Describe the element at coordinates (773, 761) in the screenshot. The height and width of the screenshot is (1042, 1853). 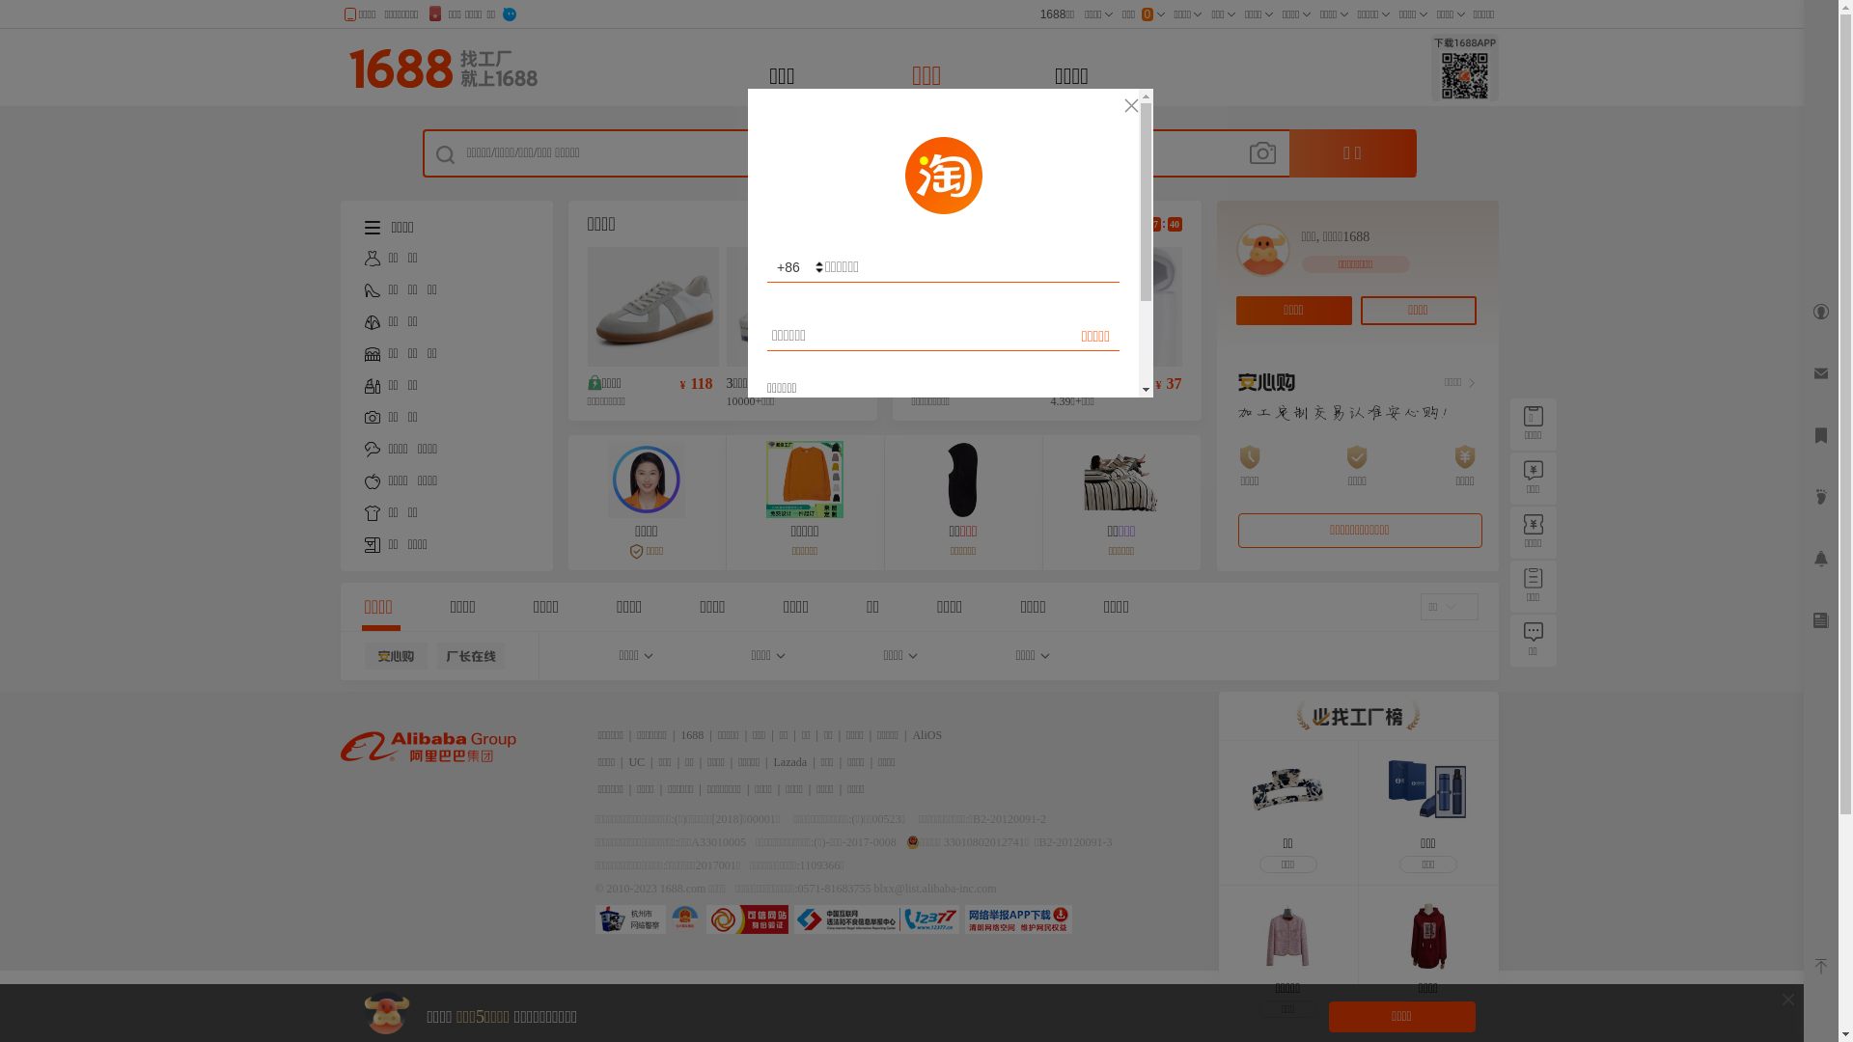
I see `'Lazada'` at that location.